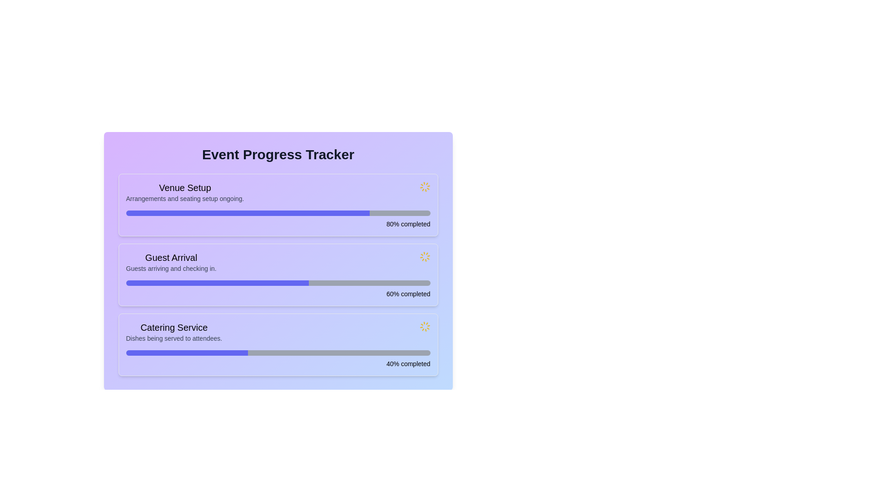  What do you see at coordinates (424, 257) in the screenshot?
I see `the animated yellow loading spinner located in the second row of the event progress tracker, adjacent to the progress percentage text for 'Guest Arrival'` at bounding box center [424, 257].